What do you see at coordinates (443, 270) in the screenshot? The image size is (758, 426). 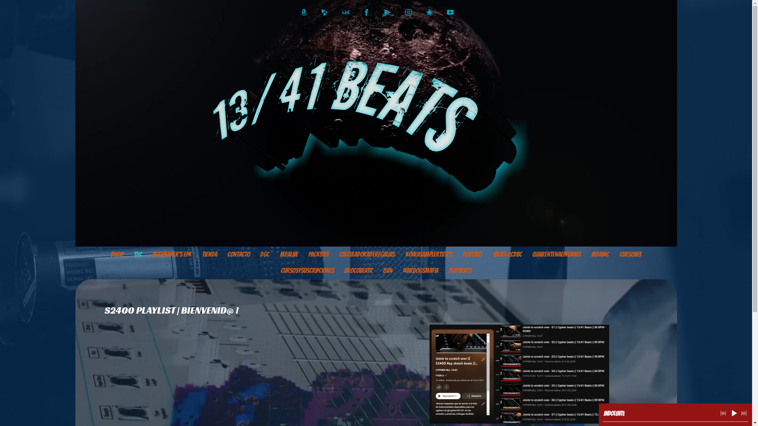 I see `'PlayBeats'` at bounding box center [443, 270].